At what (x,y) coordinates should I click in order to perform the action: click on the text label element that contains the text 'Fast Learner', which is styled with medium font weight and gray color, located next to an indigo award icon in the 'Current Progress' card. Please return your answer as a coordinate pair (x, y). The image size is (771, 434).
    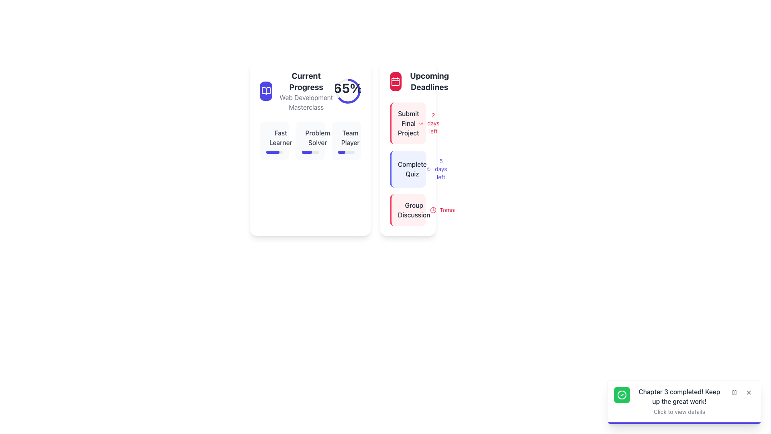
    Looking at the image, I should click on (274, 137).